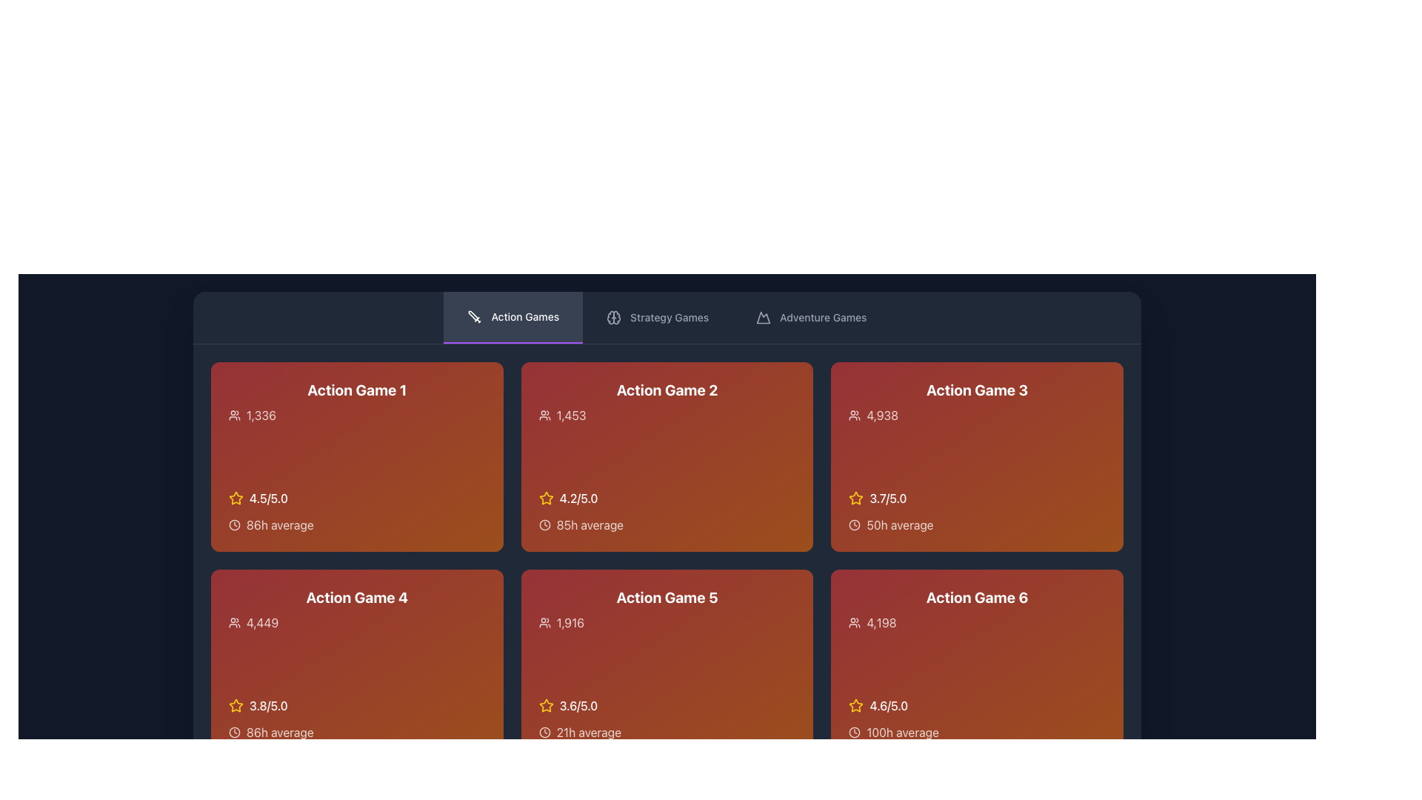 The image size is (1422, 800). I want to click on the clock icon represented by the circular shape located in the top-left of the 'Action Game 1' card to trigger related actions, assuming it is interactive, so click(233, 524).